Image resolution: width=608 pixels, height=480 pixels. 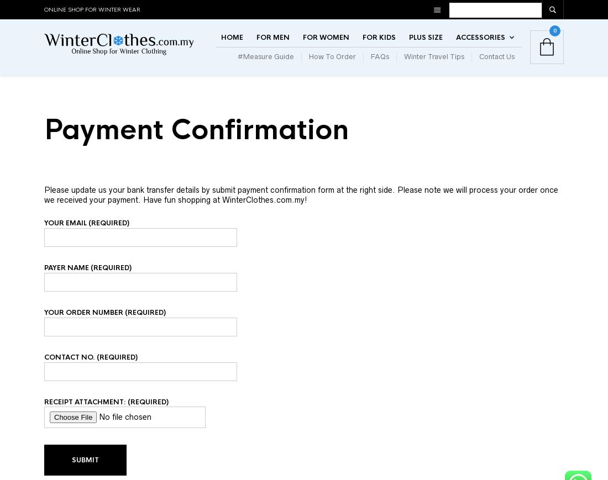 I want to click on '#Measure Guide', so click(x=237, y=66).